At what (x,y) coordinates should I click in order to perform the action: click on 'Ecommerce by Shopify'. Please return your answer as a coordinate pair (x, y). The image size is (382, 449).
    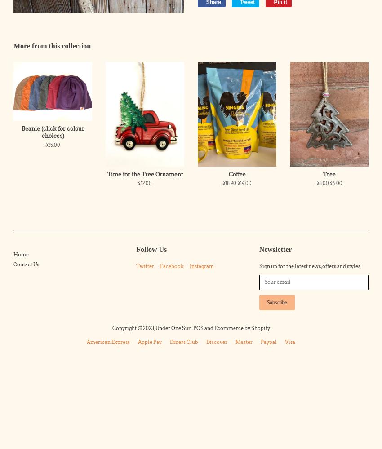
    Looking at the image, I should click on (241, 327).